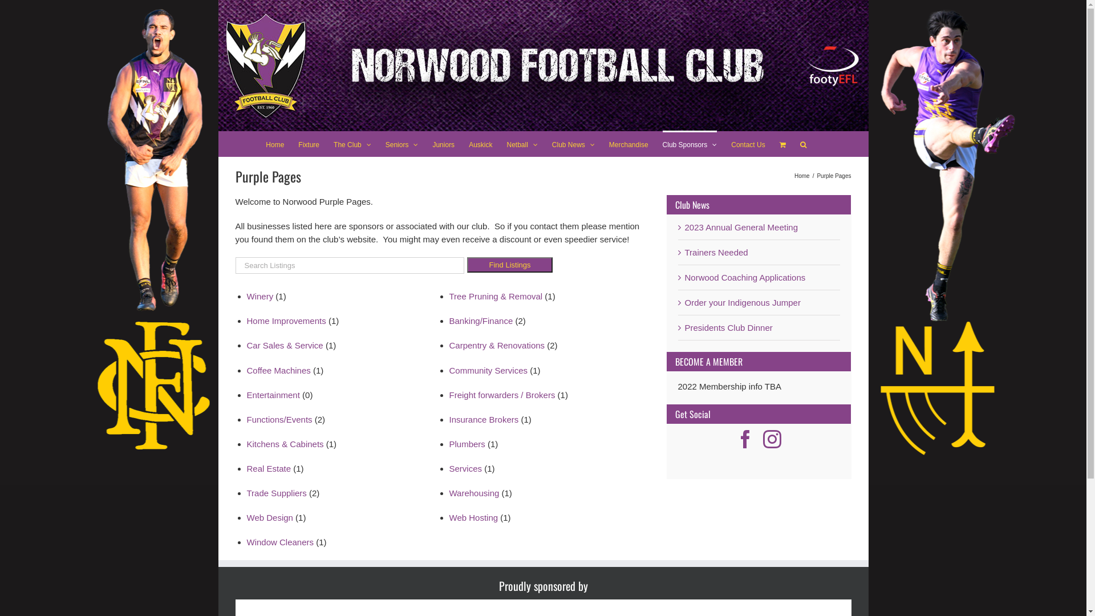 Image resolution: width=1095 pixels, height=616 pixels. What do you see at coordinates (744, 277) in the screenshot?
I see `'Norwood Coaching Applications'` at bounding box center [744, 277].